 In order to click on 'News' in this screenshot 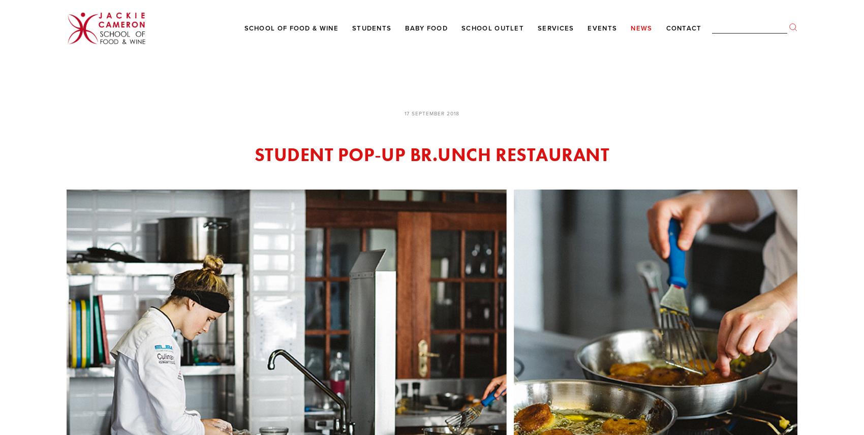, I will do `click(641, 27)`.